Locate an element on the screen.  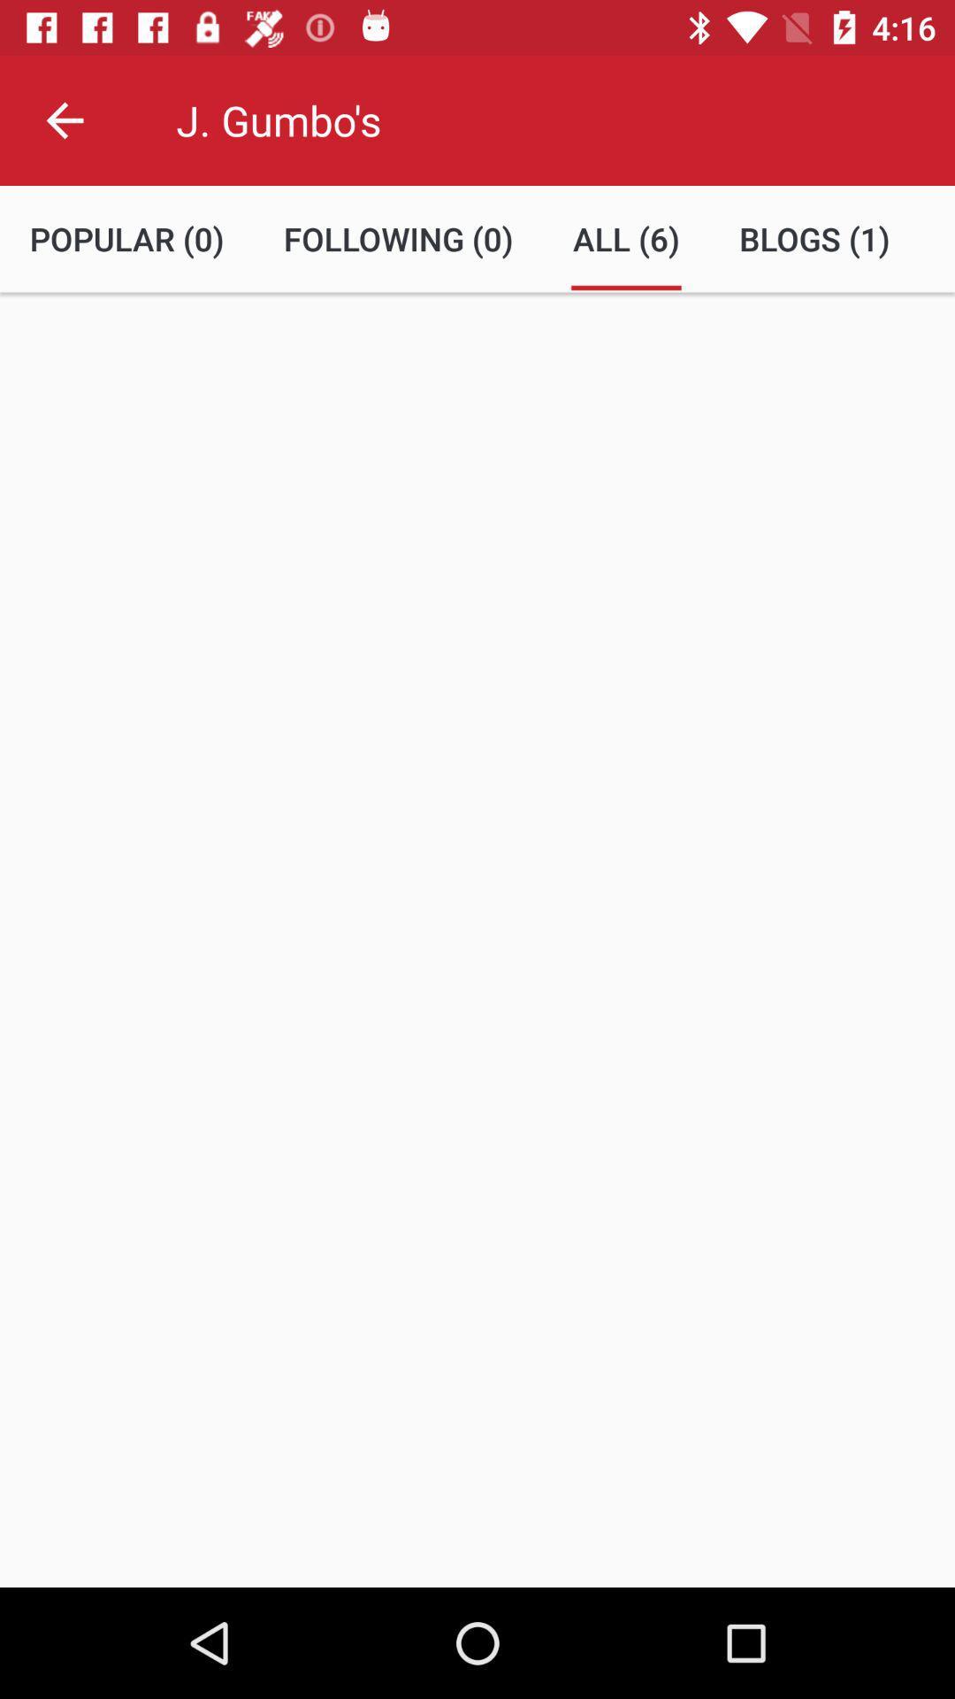
icon above popular (0) icon is located at coordinates (64, 119).